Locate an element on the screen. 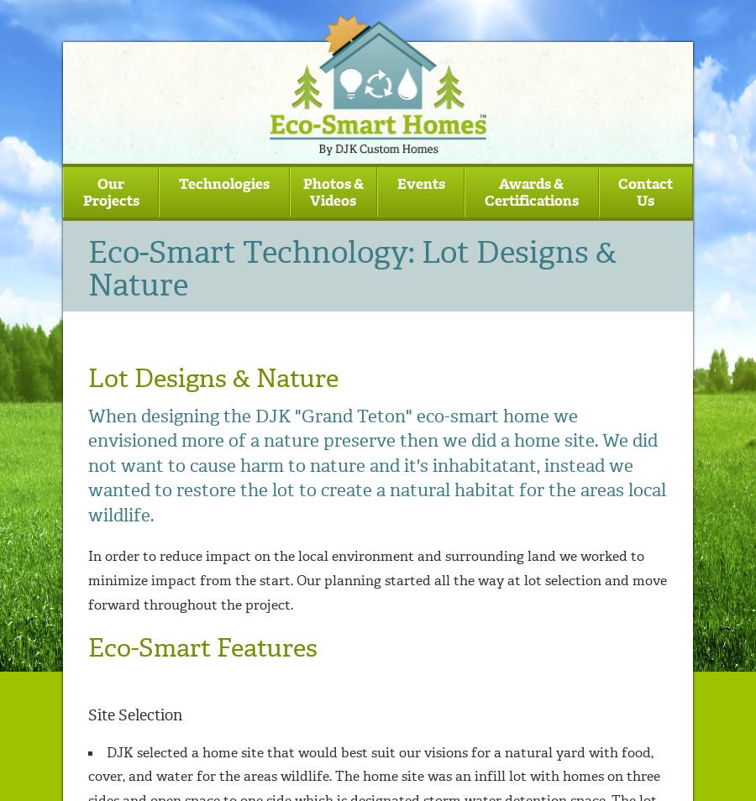 This screenshot has width=756, height=801. 'Awards & Certifications' is located at coordinates (530, 191).